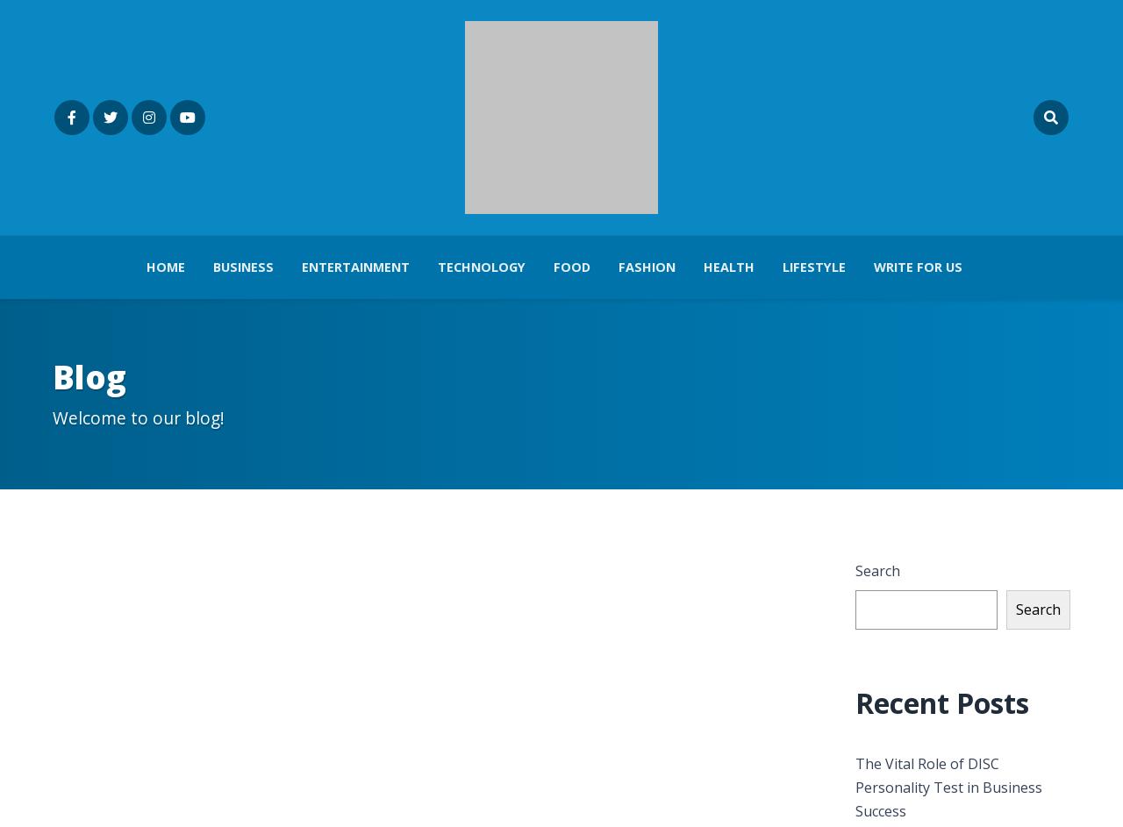 The image size is (1123, 827). I want to click on 'Lifestyle', so click(813, 266).